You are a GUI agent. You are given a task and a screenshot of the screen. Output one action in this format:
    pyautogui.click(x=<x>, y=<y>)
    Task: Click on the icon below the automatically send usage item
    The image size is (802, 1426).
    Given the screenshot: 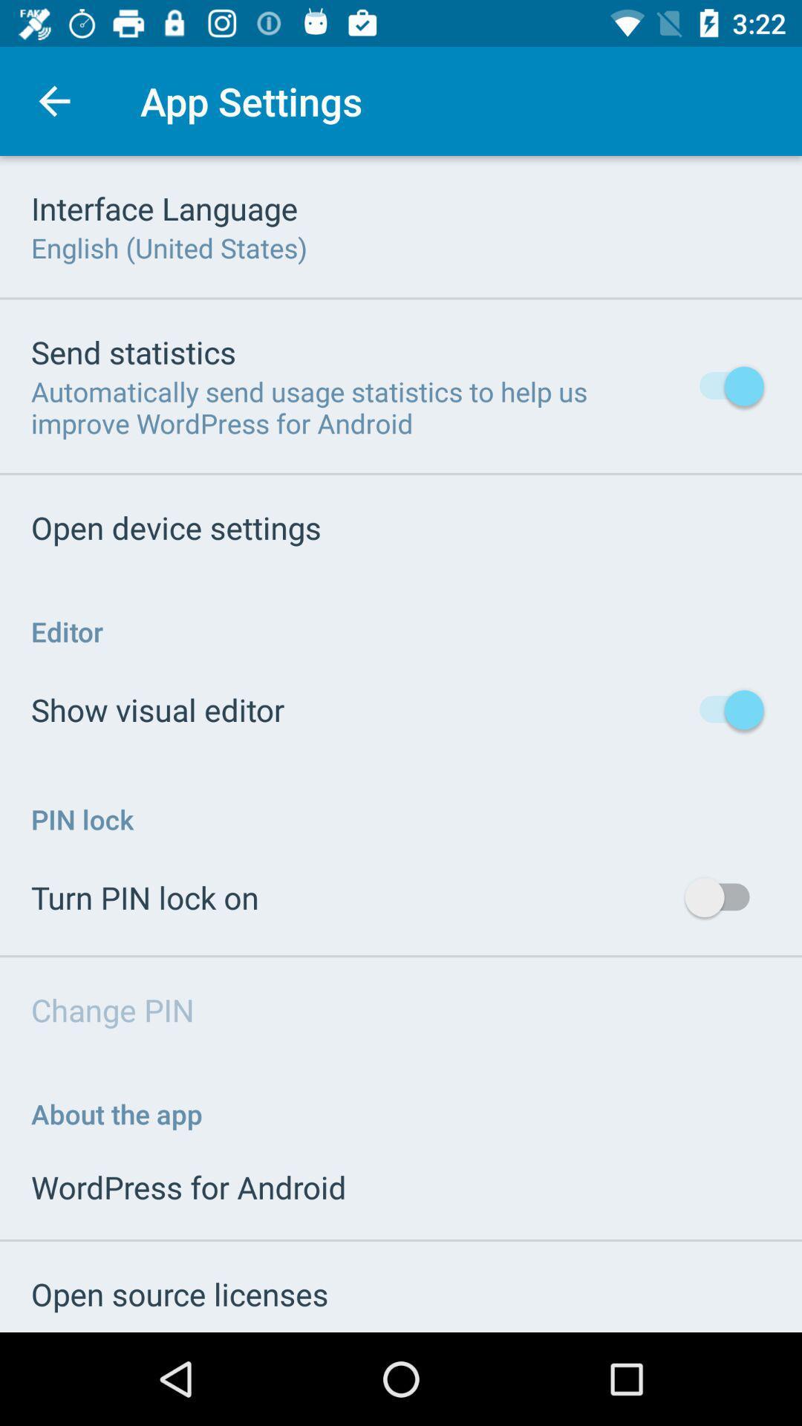 What is the action you would take?
    pyautogui.click(x=175, y=527)
    